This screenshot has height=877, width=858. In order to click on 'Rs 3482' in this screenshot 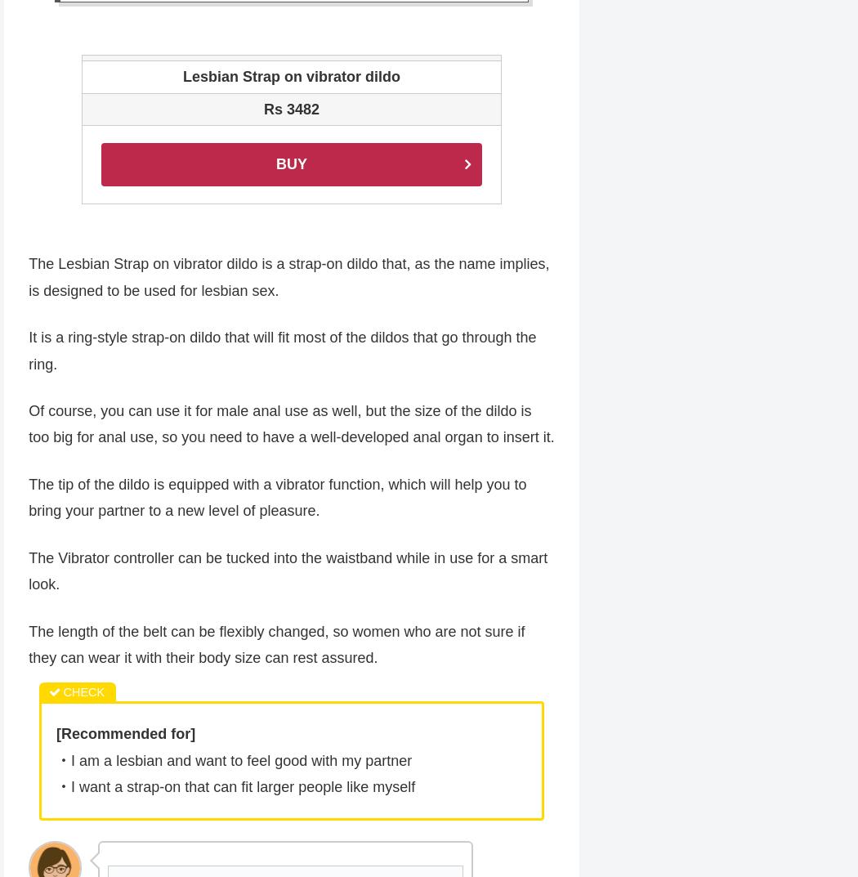, I will do `click(290, 109)`.